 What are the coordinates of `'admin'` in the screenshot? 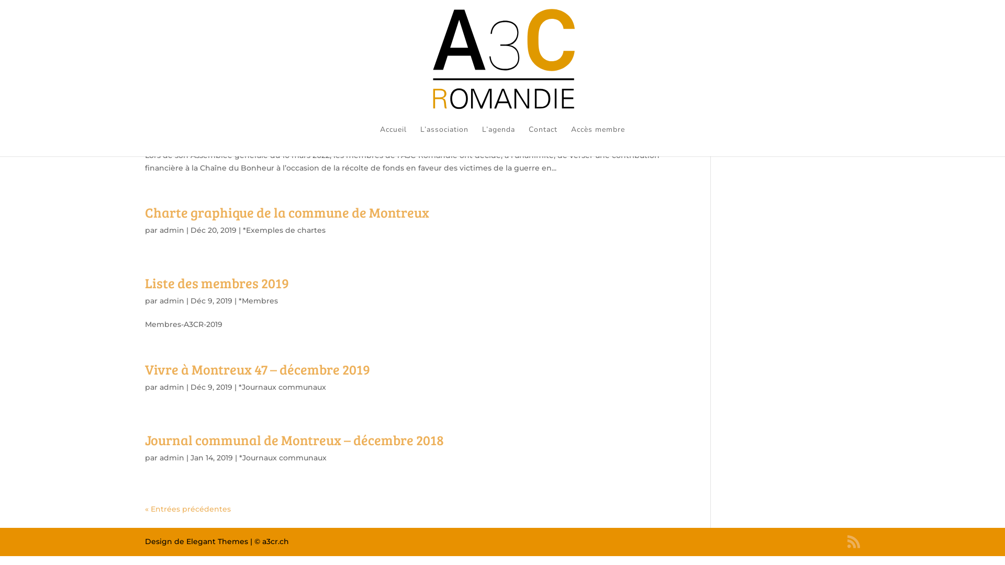 It's located at (172, 387).